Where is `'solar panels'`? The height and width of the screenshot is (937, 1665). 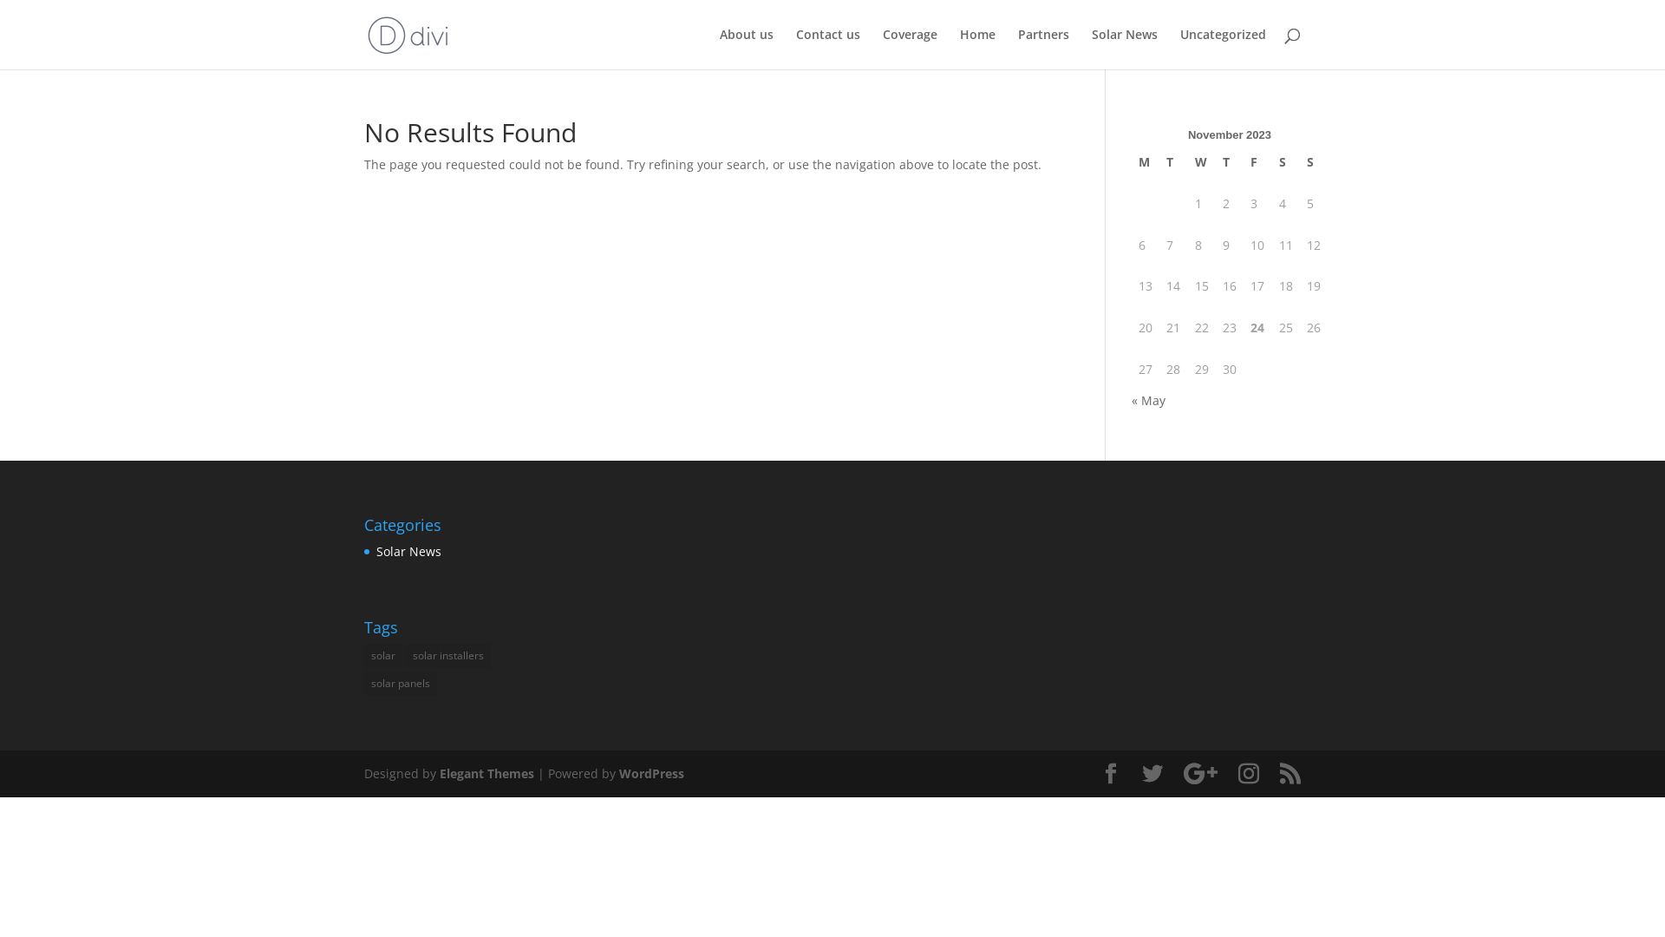
'solar panels' is located at coordinates (399, 682).